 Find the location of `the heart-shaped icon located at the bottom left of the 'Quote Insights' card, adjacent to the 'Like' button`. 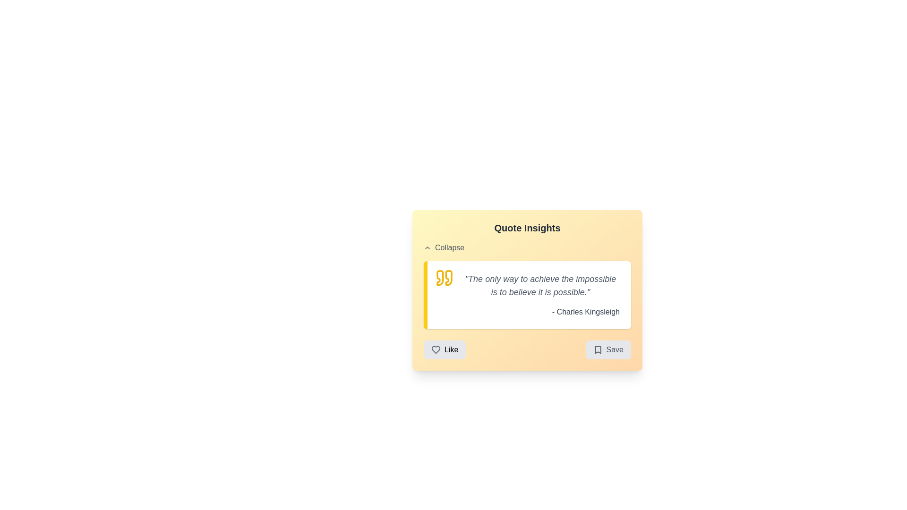

the heart-shaped icon located at the bottom left of the 'Quote Insights' card, adjacent to the 'Like' button is located at coordinates (435, 349).